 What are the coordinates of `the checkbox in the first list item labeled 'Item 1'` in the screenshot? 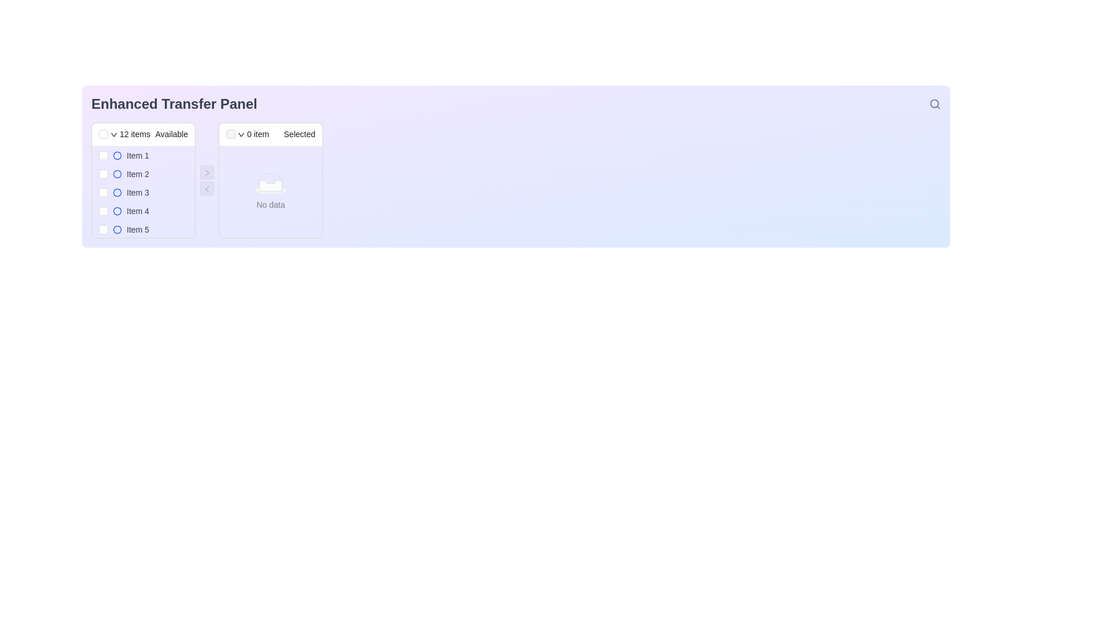 It's located at (143, 155).